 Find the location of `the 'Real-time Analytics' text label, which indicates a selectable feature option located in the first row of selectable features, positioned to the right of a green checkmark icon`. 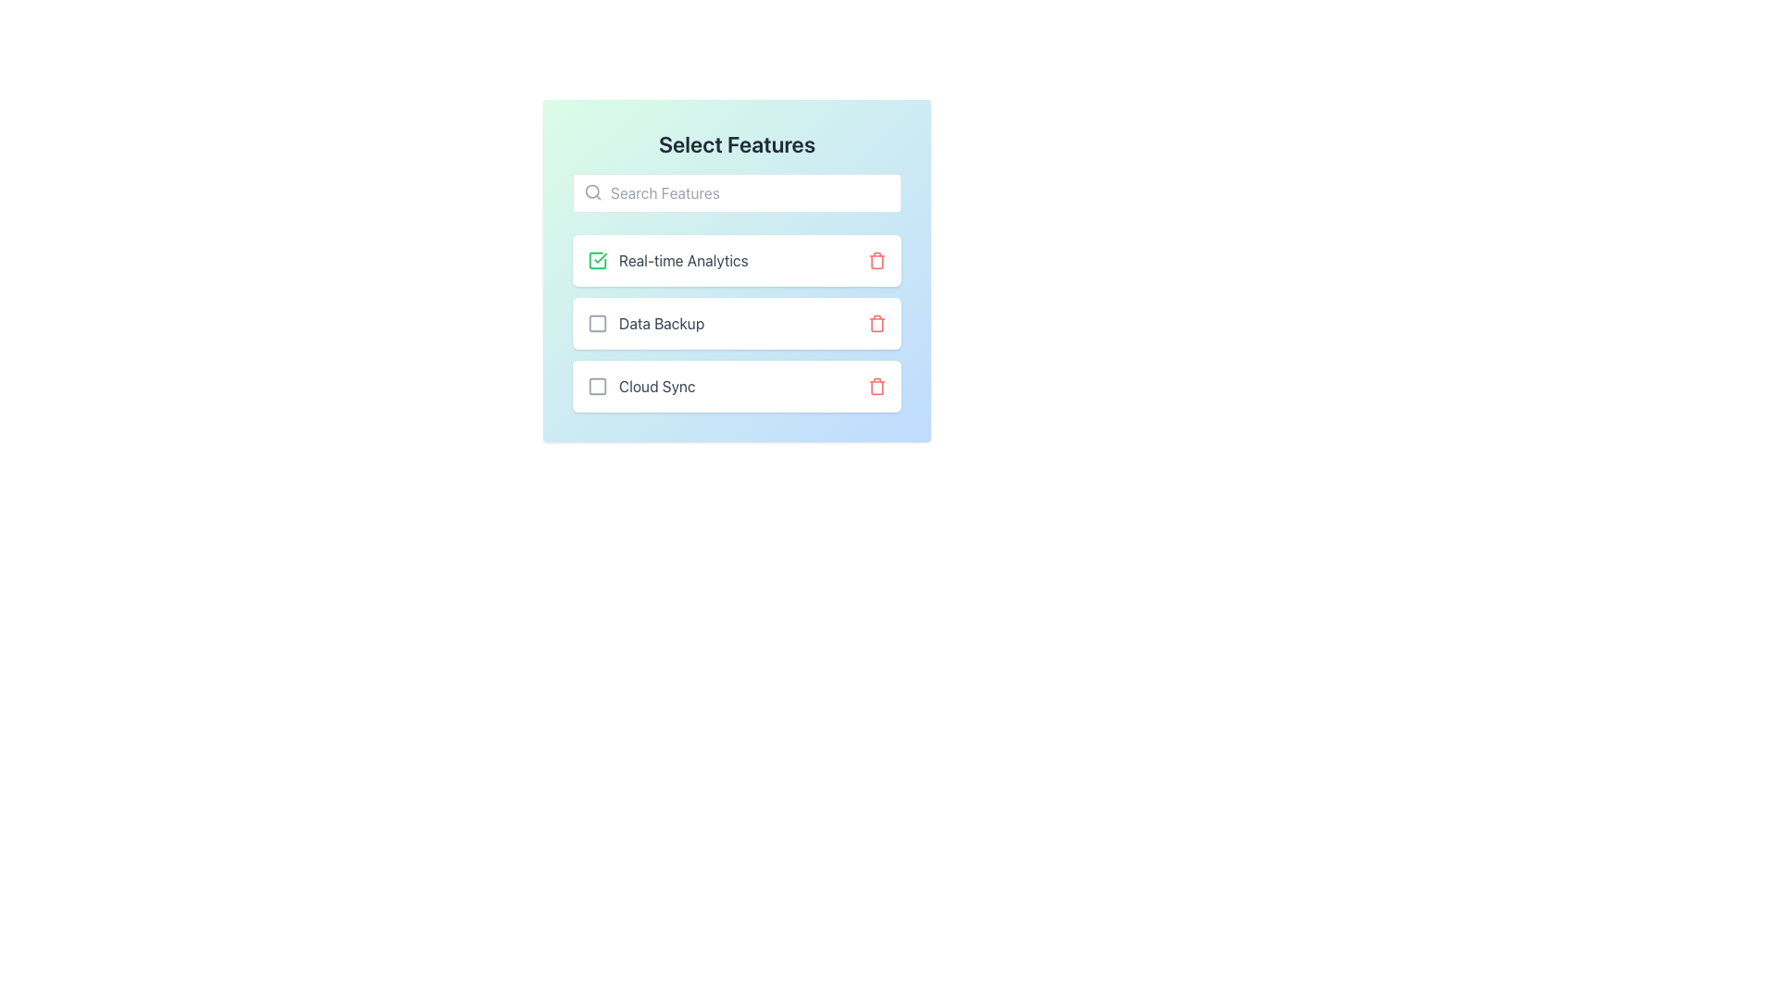

the 'Real-time Analytics' text label, which indicates a selectable feature option located in the first row of selectable features, positioned to the right of a green checkmark icon is located at coordinates (682, 260).